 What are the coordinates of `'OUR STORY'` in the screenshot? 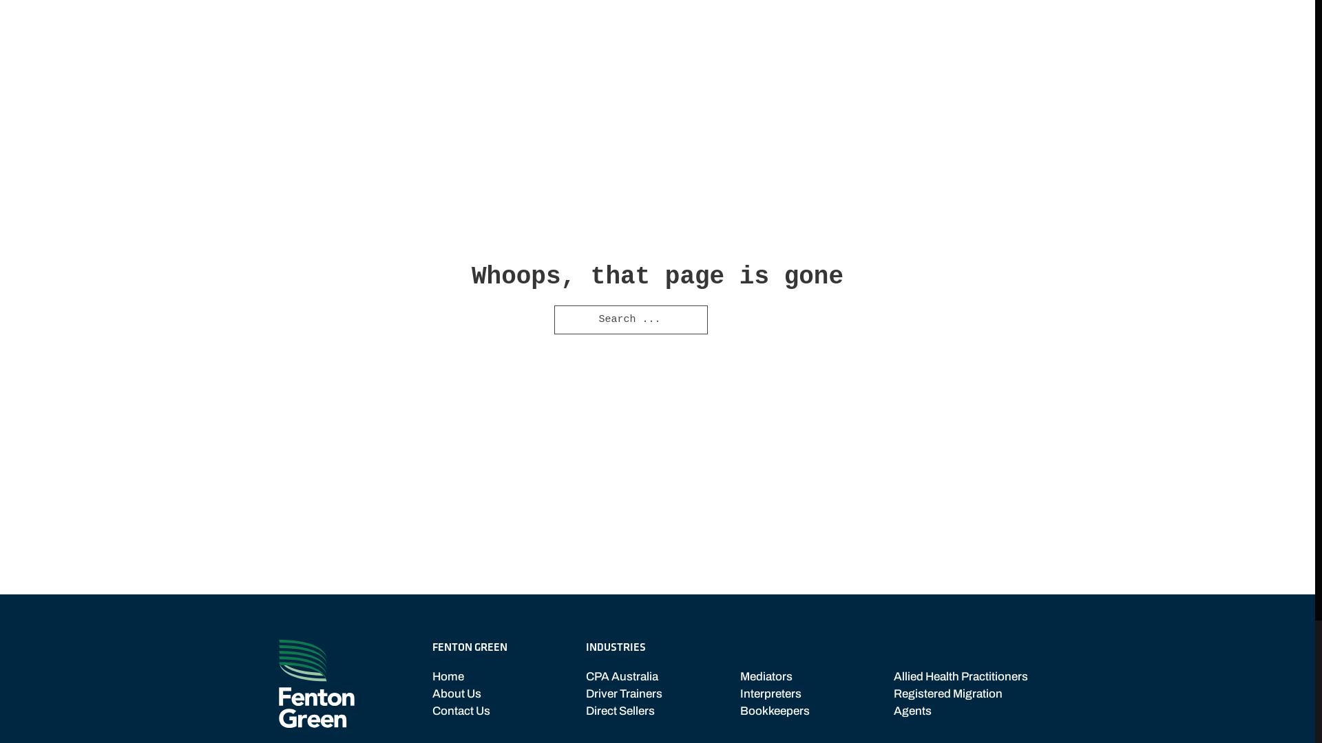 It's located at (783, 27).